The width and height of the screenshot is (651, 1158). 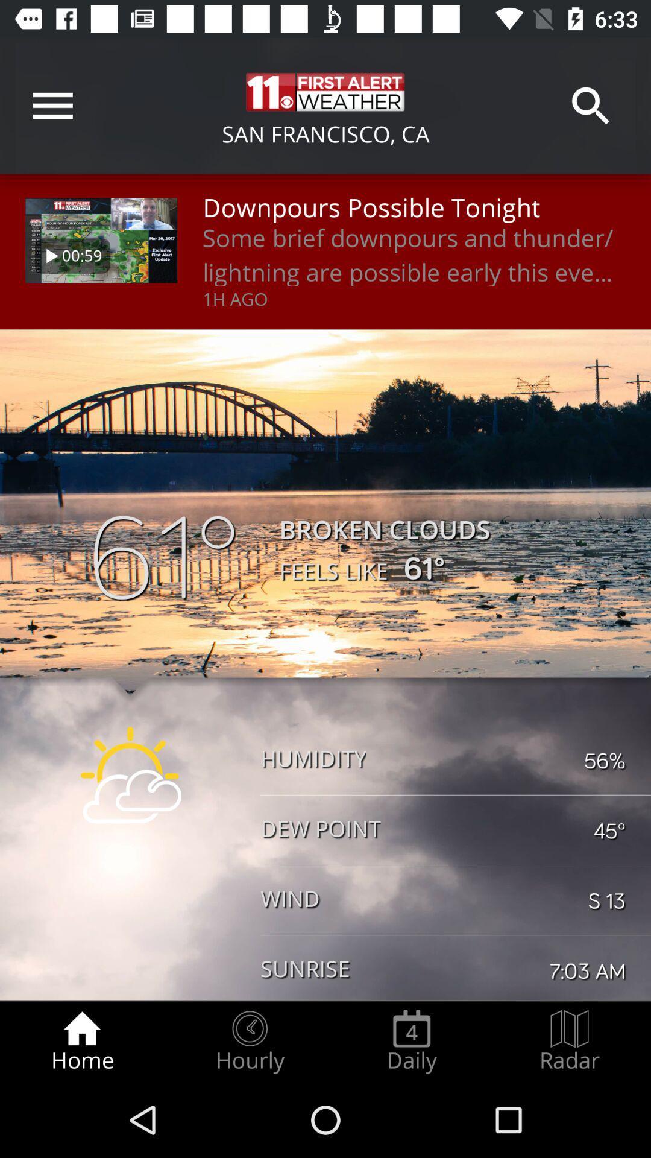 What do you see at coordinates (81, 1041) in the screenshot?
I see `the icon to the left of the hourly radio button` at bounding box center [81, 1041].